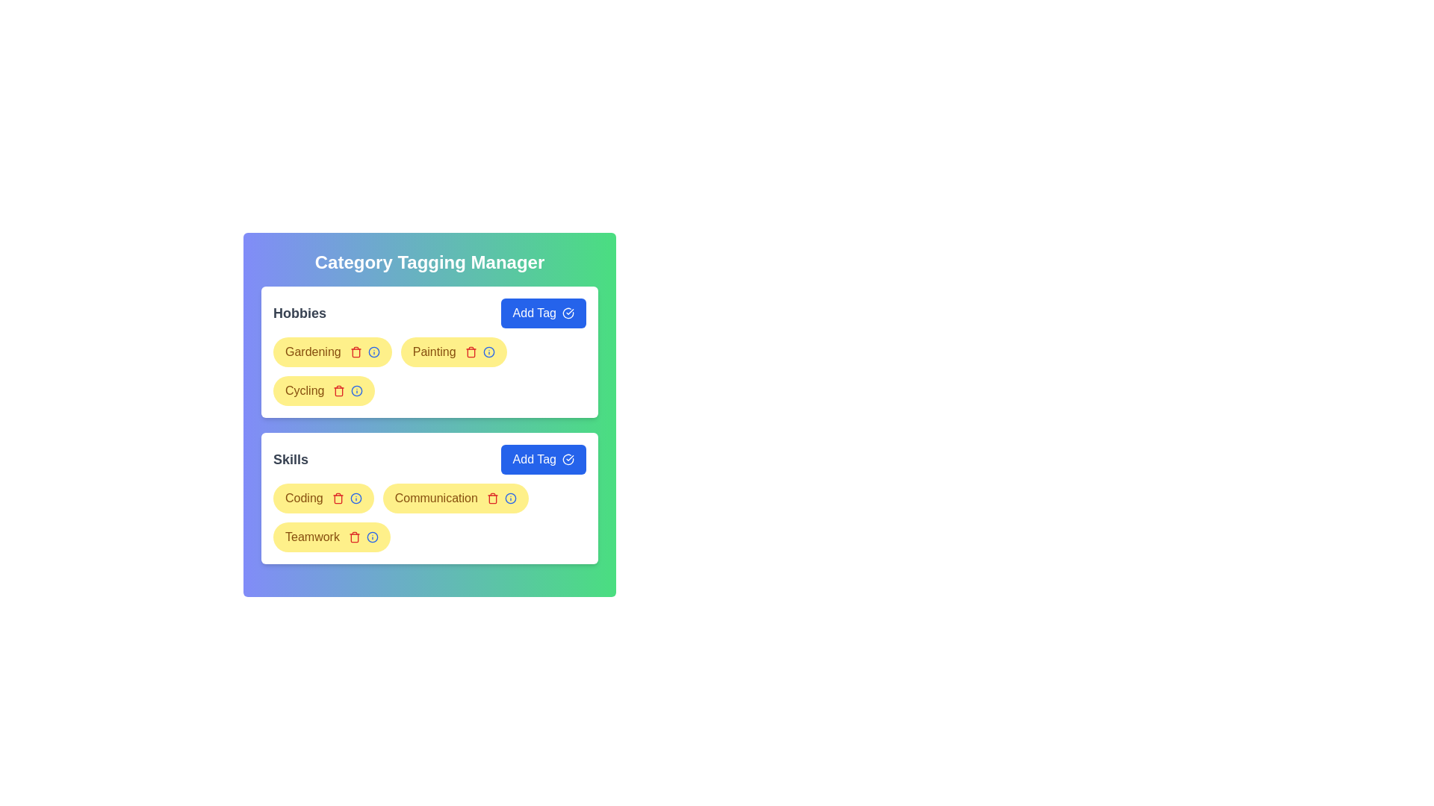 This screenshot has height=806, width=1434. What do you see at coordinates (542, 313) in the screenshot?
I see `the rectangular blue button labeled 'Add Tag' with a checkmark icon, located in the 'Hobbies' section of the 'Category Tagging Manager'` at bounding box center [542, 313].